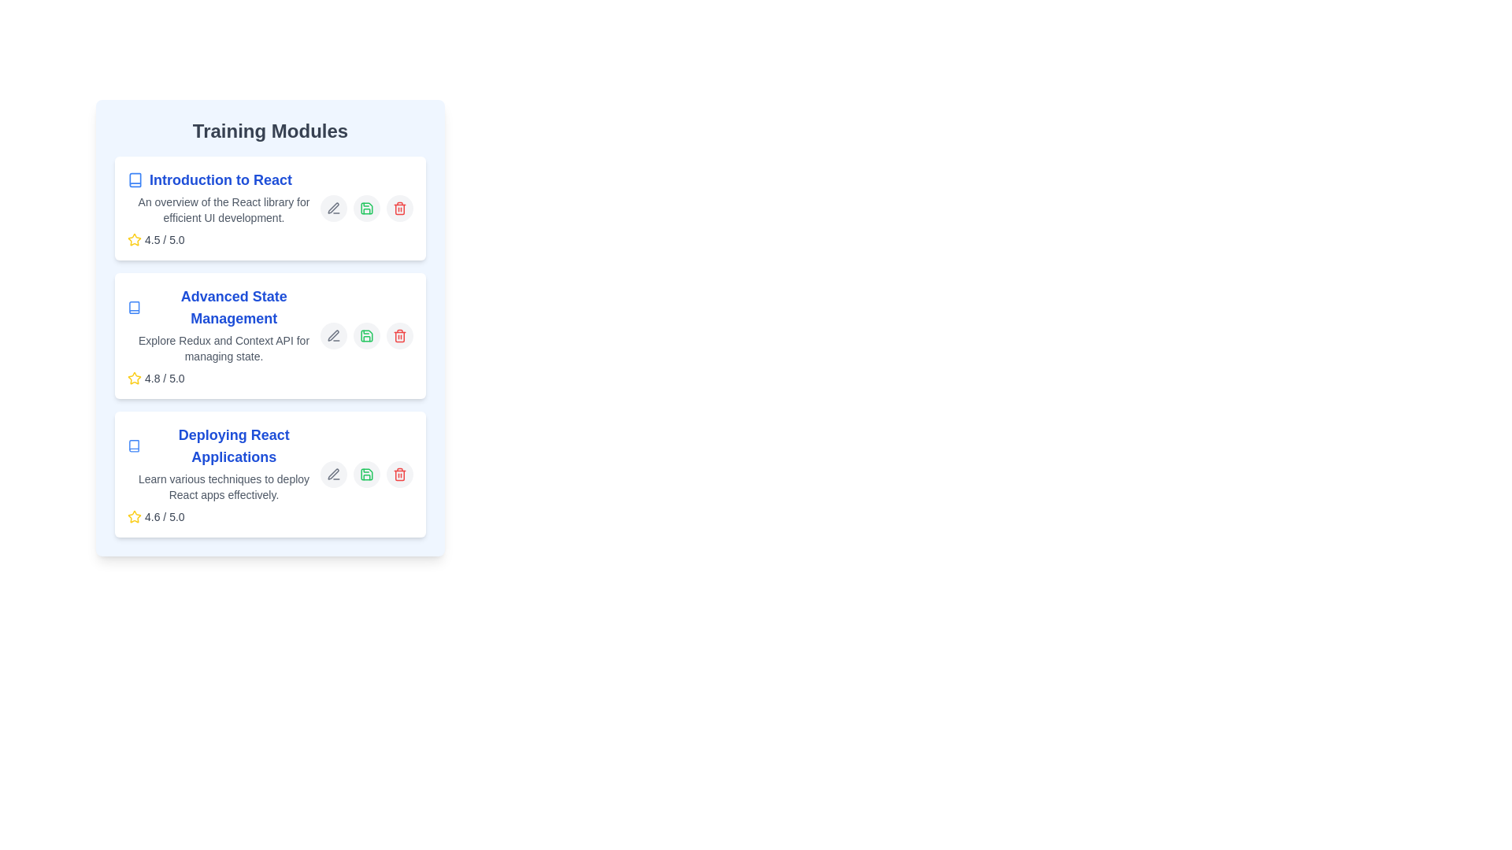 The width and height of the screenshot is (1512, 850). I want to click on the star-shaped icon with a yellow outline representing the rating for the third module under the 'Training Modules' section, so click(135, 516).